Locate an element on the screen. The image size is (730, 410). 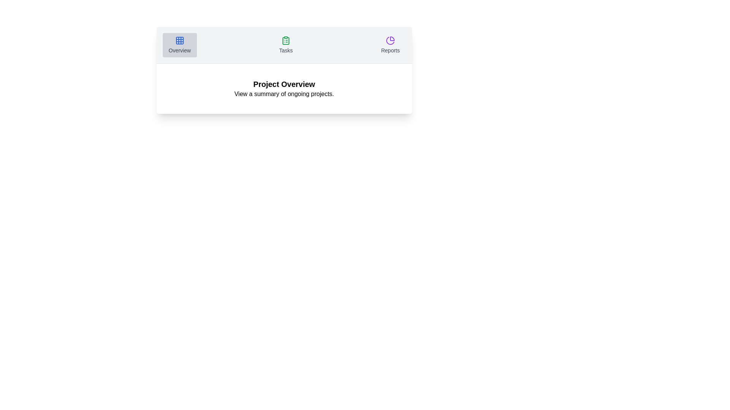
the tab button labeled Overview to observe its visual change is located at coordinates (179, 45).